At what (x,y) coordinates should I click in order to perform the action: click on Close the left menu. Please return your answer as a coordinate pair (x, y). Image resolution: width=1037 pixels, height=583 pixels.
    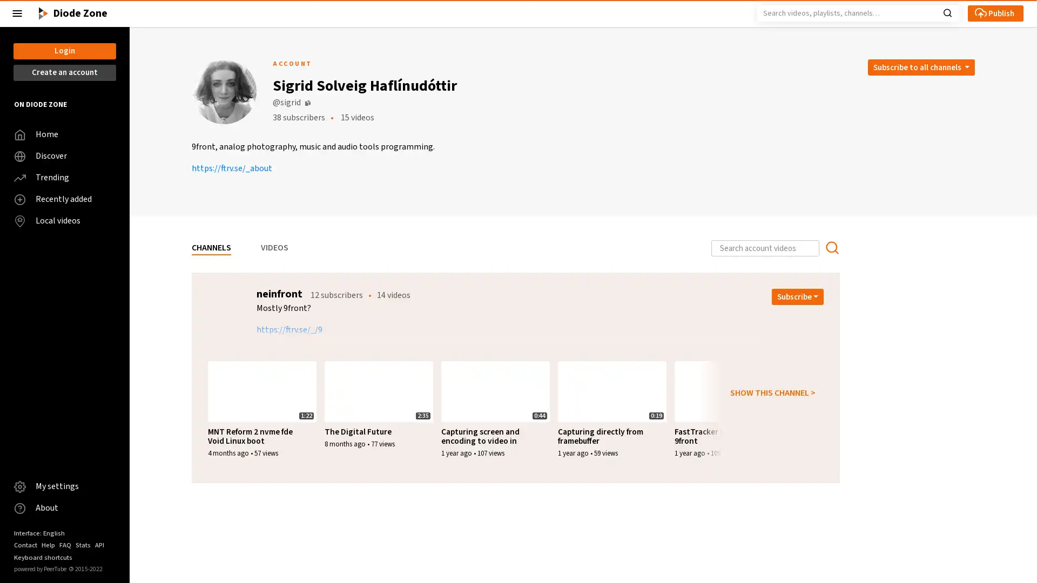
    Looking at the image, I should click on (17, 13).